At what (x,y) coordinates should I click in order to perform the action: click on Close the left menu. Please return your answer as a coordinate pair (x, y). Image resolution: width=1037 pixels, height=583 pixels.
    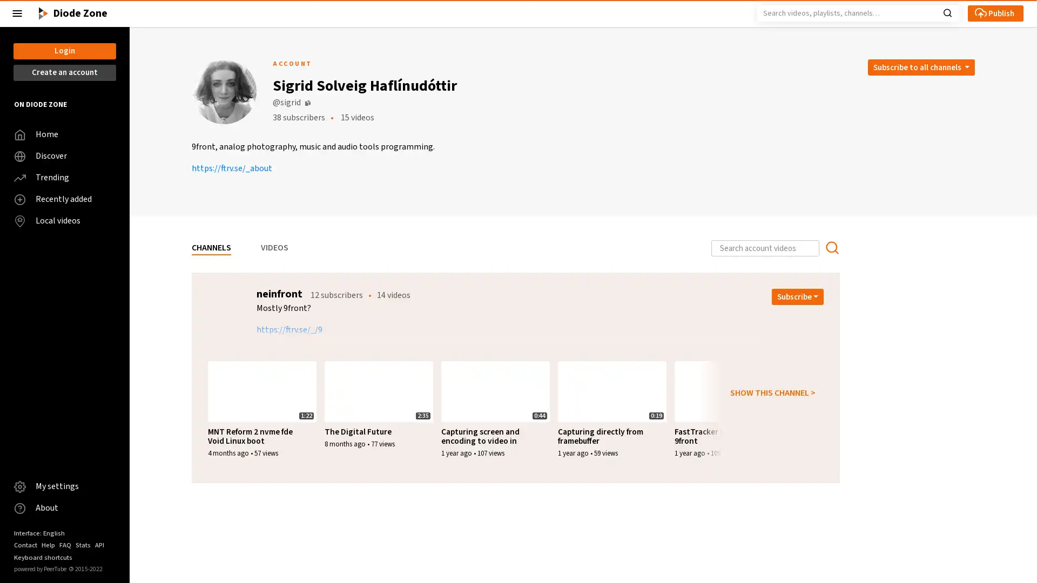
    Looking at the image, I should click on (17, 13).